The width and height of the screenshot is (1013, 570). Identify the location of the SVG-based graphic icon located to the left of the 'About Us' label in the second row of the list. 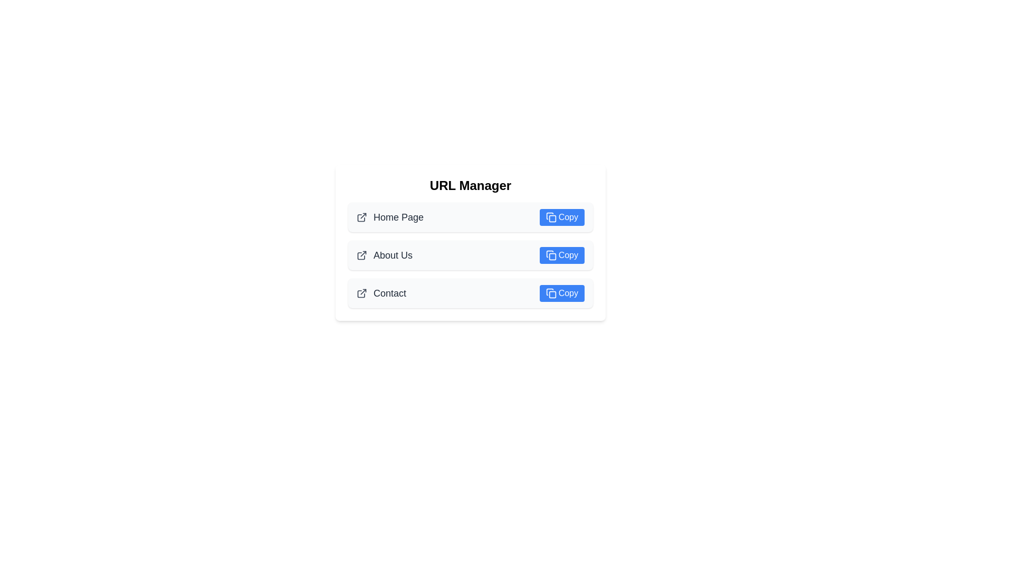
(361, 256).